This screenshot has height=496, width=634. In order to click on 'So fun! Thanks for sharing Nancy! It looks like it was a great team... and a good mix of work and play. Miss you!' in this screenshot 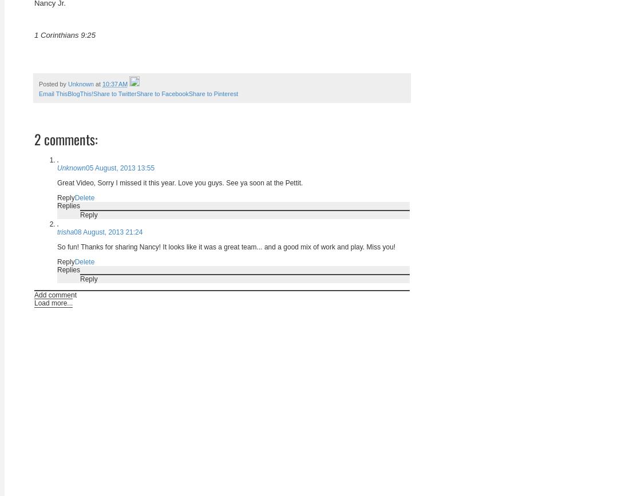, I will do `click(226, 246)`.